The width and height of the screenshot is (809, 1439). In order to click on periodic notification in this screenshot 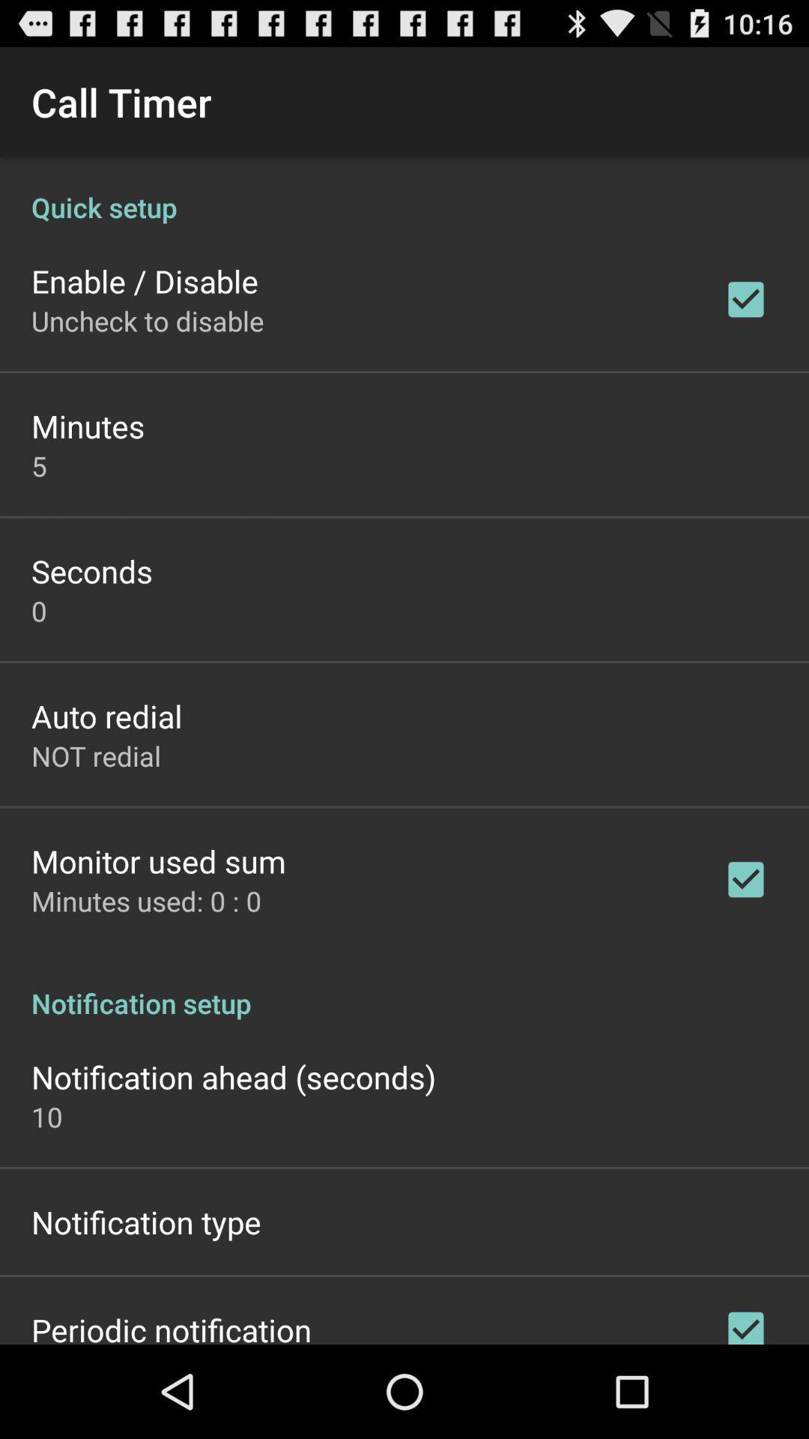, I will do `click(171, 1327)`.